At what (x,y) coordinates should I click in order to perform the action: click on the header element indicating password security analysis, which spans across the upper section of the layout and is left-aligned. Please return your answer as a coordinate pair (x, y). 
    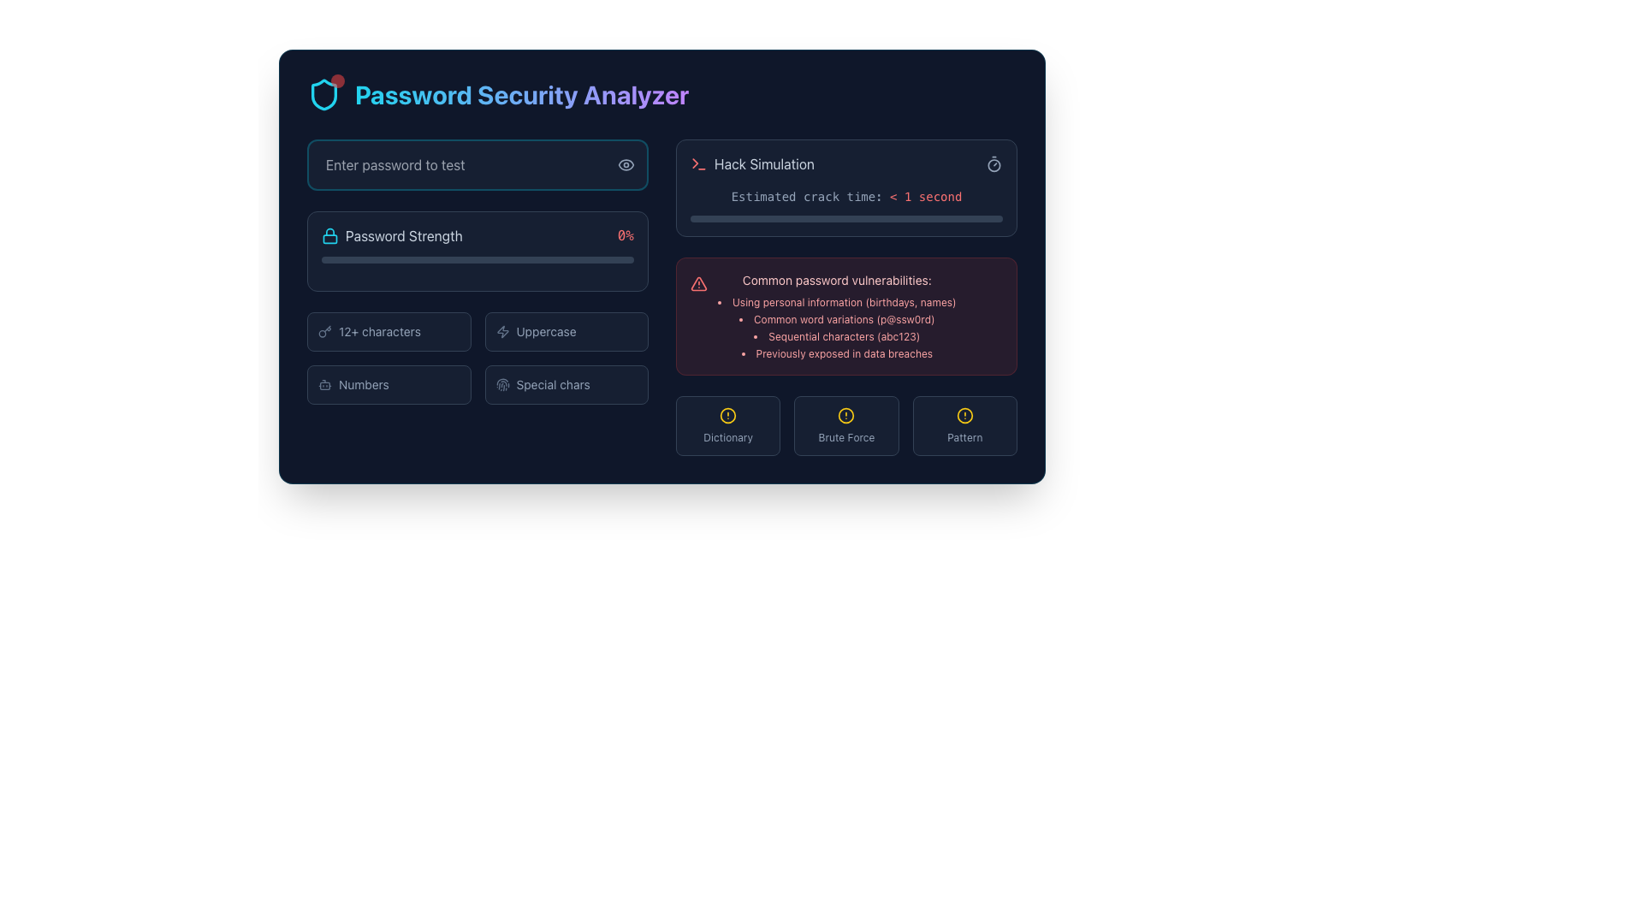
    Looking at the image, I should click on (497, 95).